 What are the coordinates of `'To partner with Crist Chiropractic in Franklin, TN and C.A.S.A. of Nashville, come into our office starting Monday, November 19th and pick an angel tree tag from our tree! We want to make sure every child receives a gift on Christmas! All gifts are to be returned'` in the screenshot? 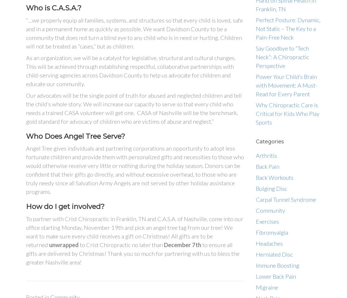 It's located at (134, 231).